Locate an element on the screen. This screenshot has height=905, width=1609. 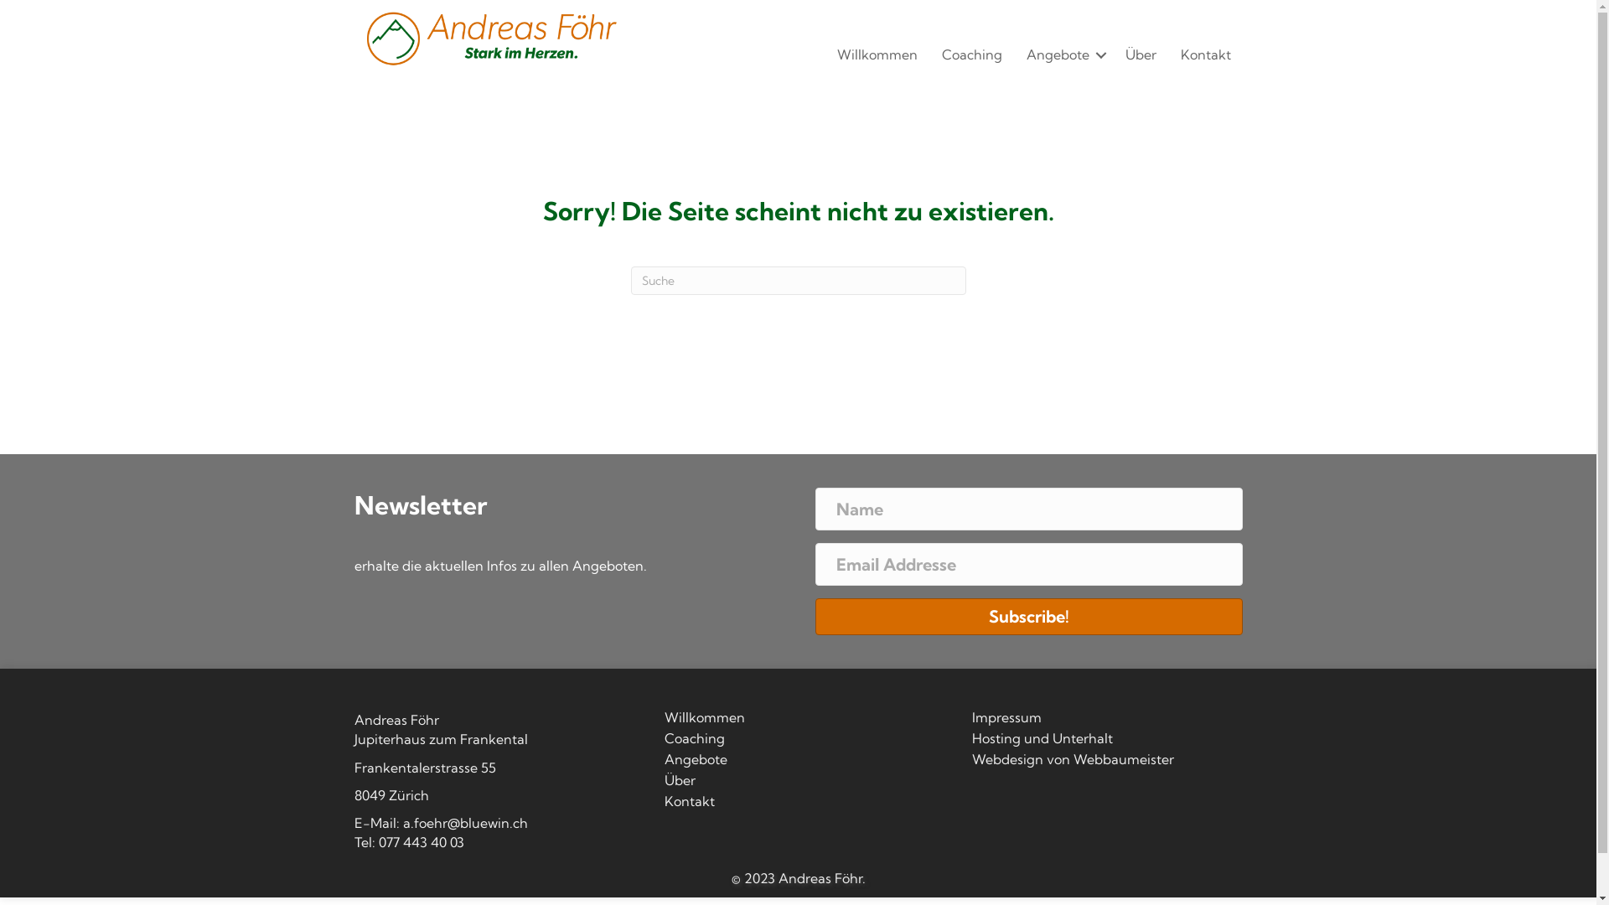
'Angebote' is located at coordinates (1013, 54).